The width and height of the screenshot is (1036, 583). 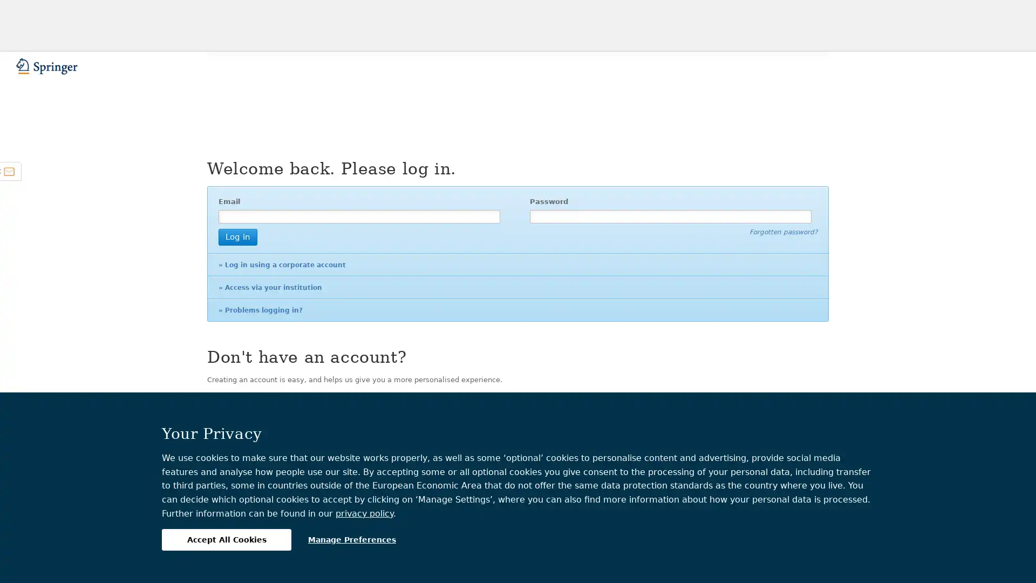 I want to click on Accept All Cookies, so click(x=226, y=539).